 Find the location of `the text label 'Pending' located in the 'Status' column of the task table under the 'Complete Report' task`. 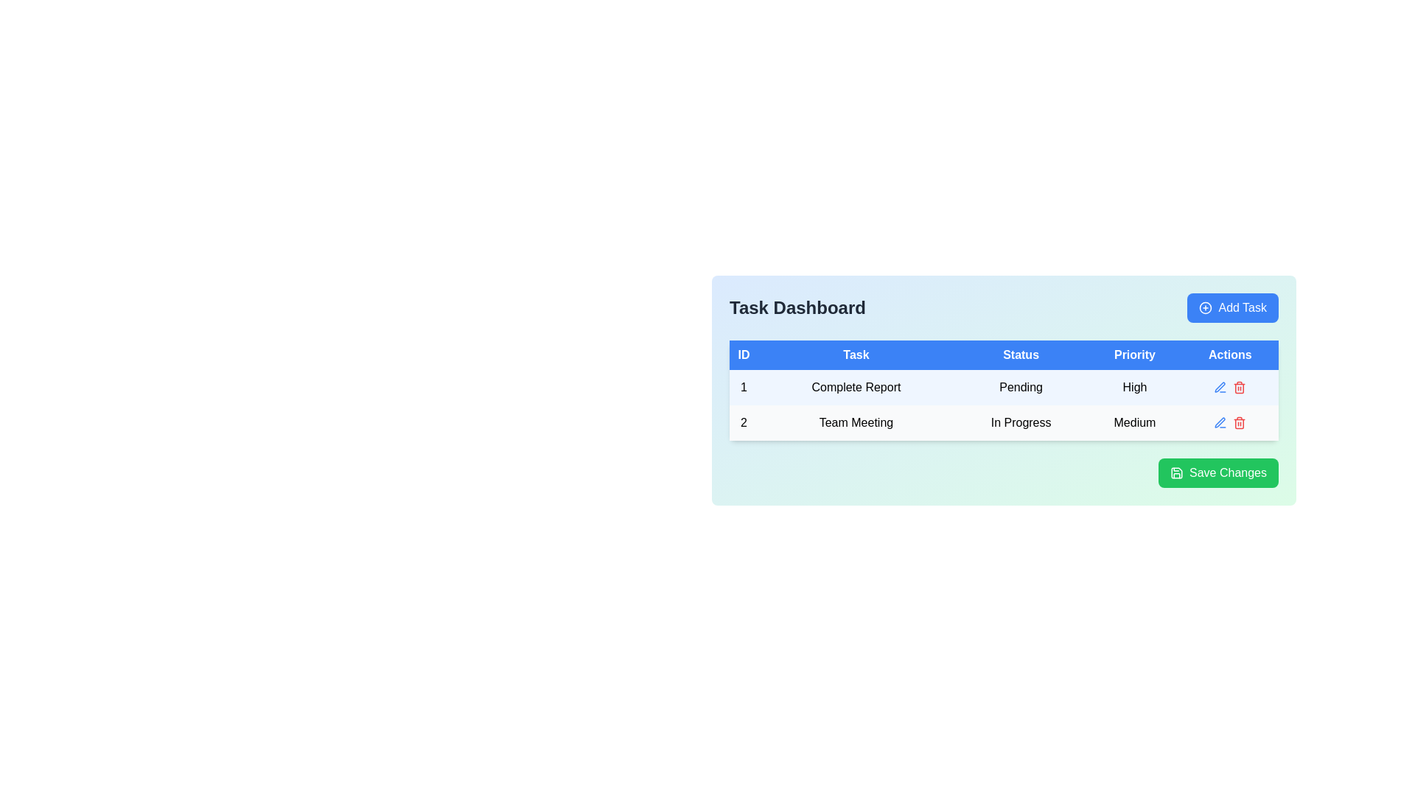

the text label 'Pending' located in the 'Status' column of the task table under the 'Complete Report' task is located at coordinates (1003, 389).